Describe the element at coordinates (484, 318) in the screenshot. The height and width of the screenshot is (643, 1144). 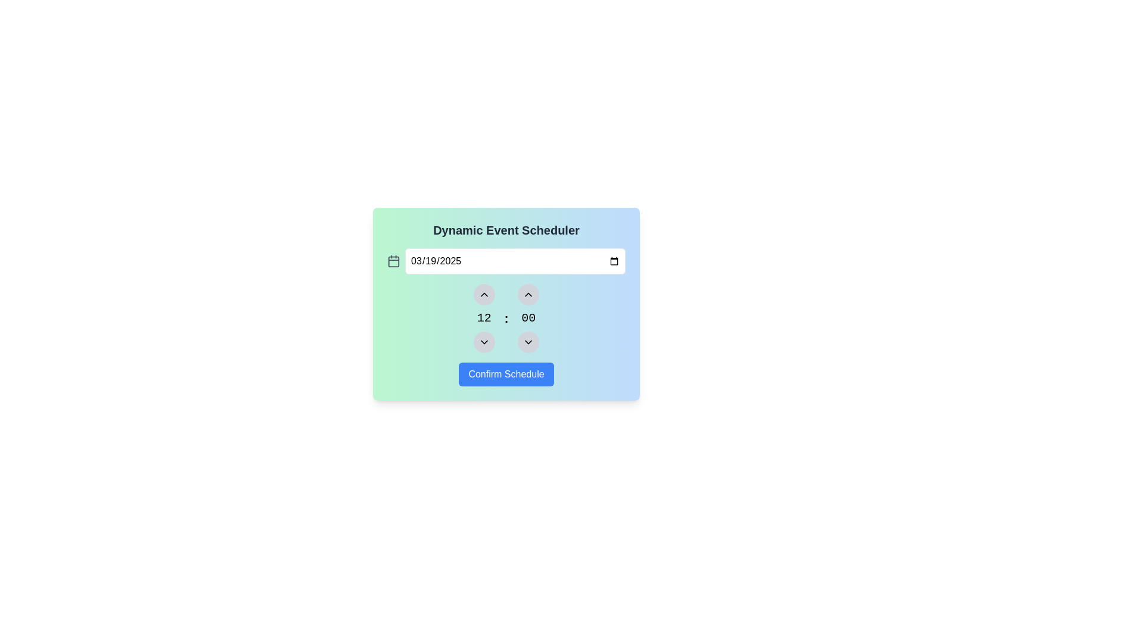
I see `the Text display component that shows the current hour value in the time picker widget, located centrally between the up and down arrow buttons` at that location.